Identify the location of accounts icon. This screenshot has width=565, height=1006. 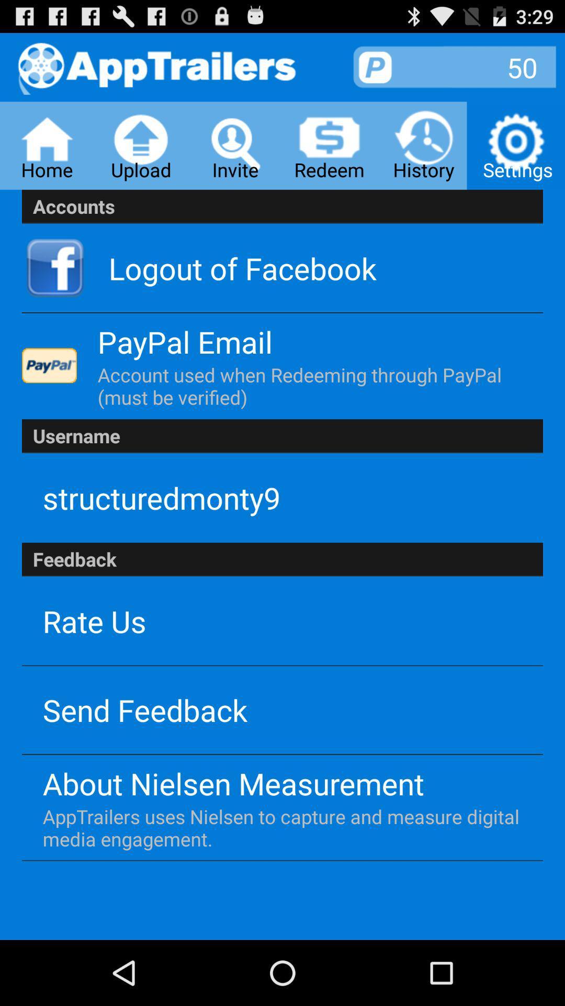
(282, 206).